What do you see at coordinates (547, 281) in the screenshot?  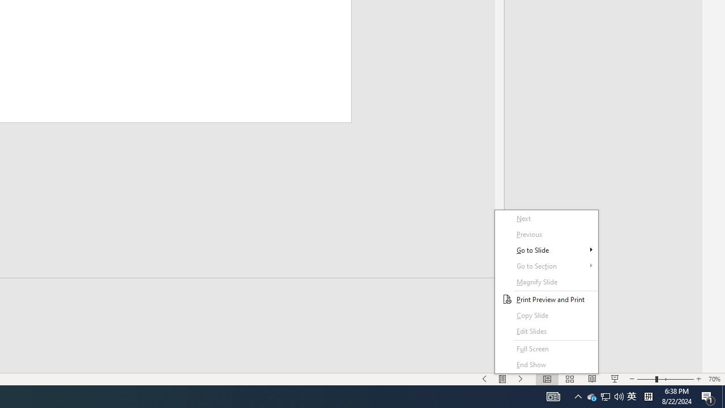 I see `'Go to Section'` at bounding box center [547, 281].